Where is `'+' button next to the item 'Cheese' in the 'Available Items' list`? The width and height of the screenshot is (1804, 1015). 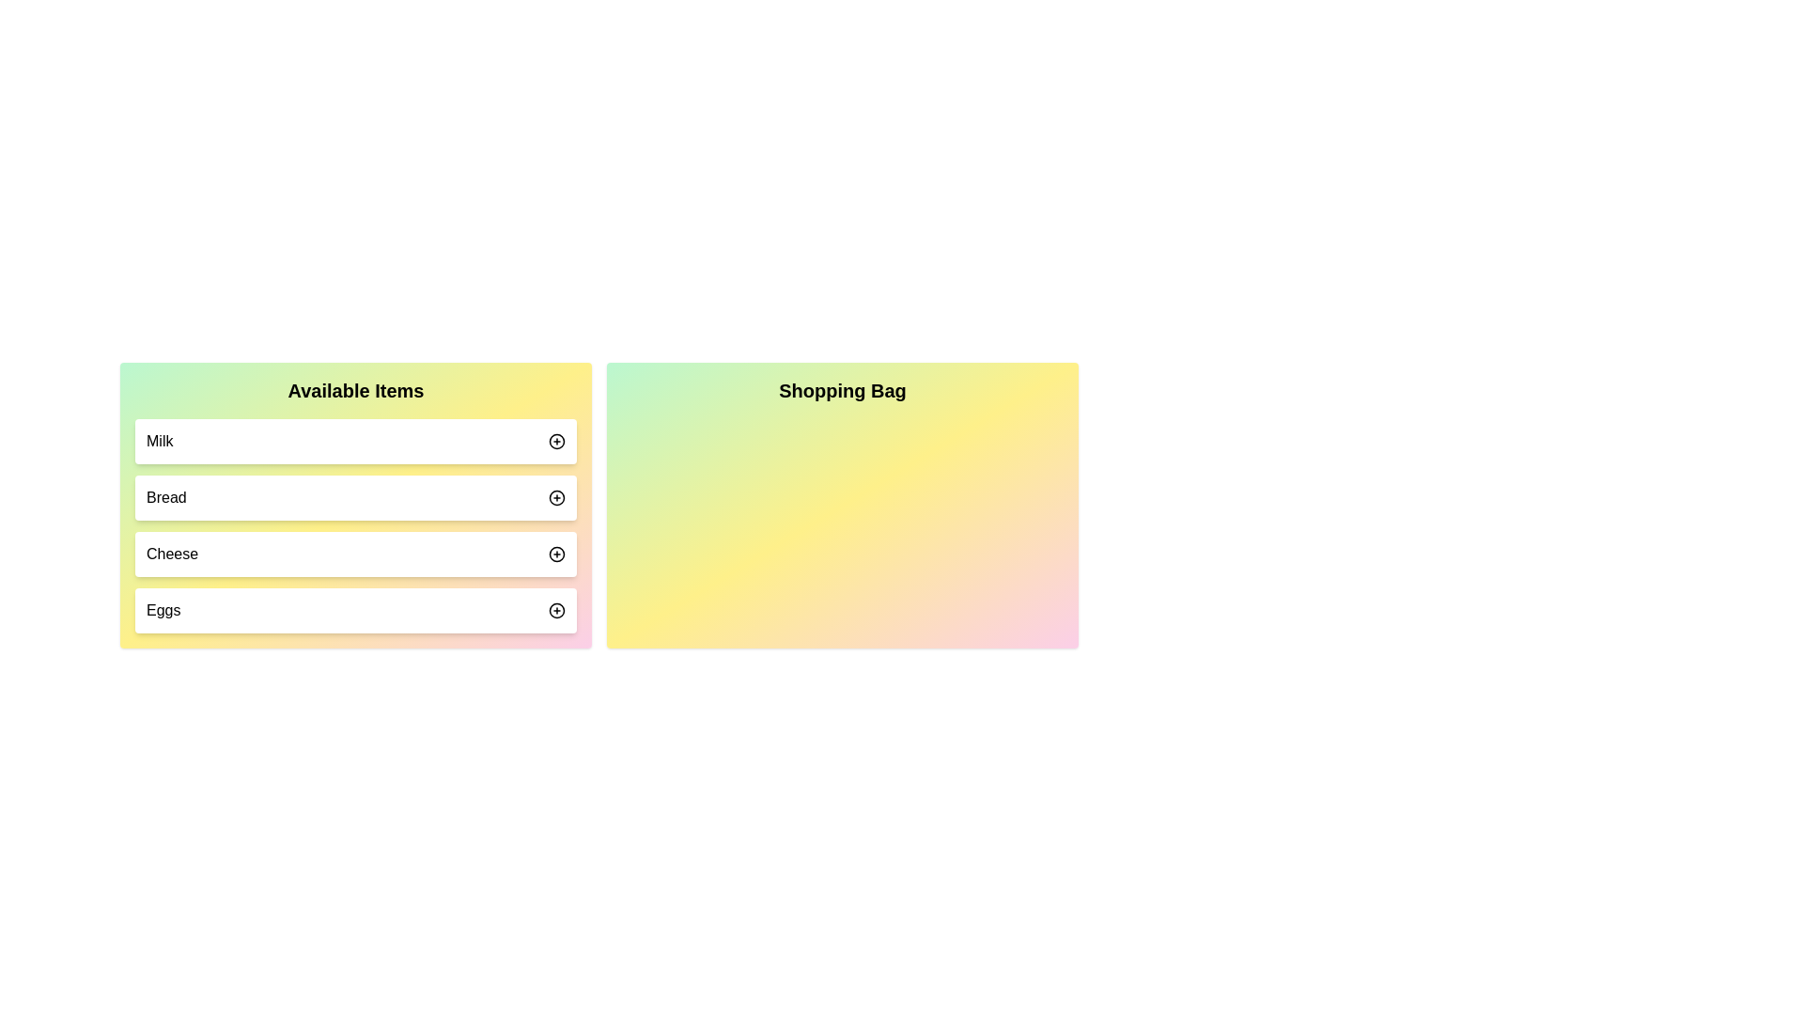
'+' button next to the item 'Cheese' in the 'Available Items' list is located at coordinates (556, 554).